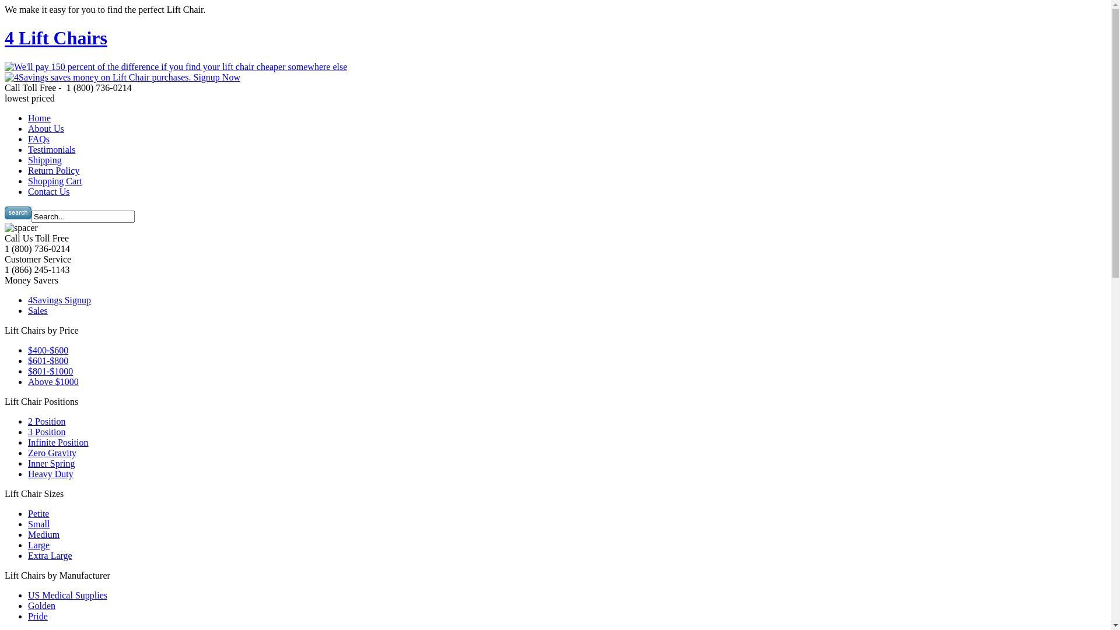 The height and width of the screenshot is (630, 1120). Describe the element at coordinates (54, 181) in the screenshot. I see `'Shopping Cart'` at that location.